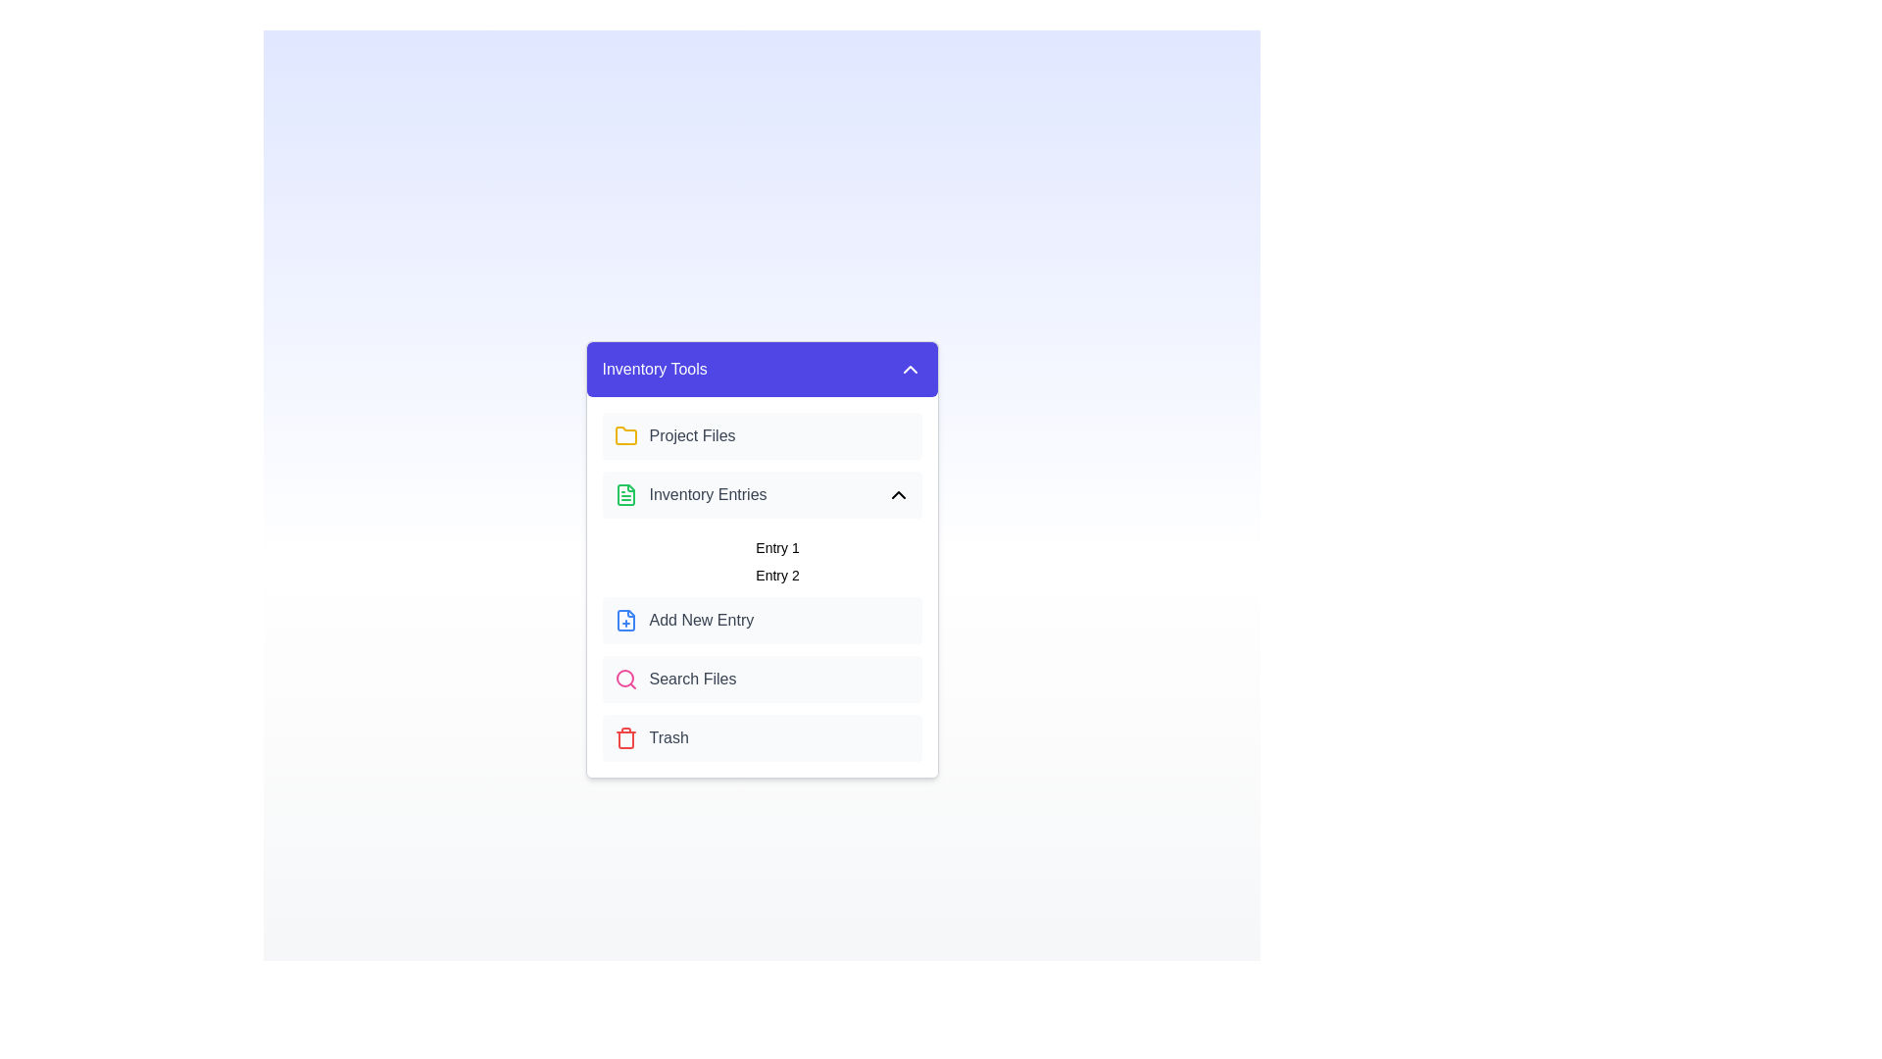  What do you see at coordinates (624, 494) in the screenshot?
I see `the document icon` at bounding box center [624, 494].